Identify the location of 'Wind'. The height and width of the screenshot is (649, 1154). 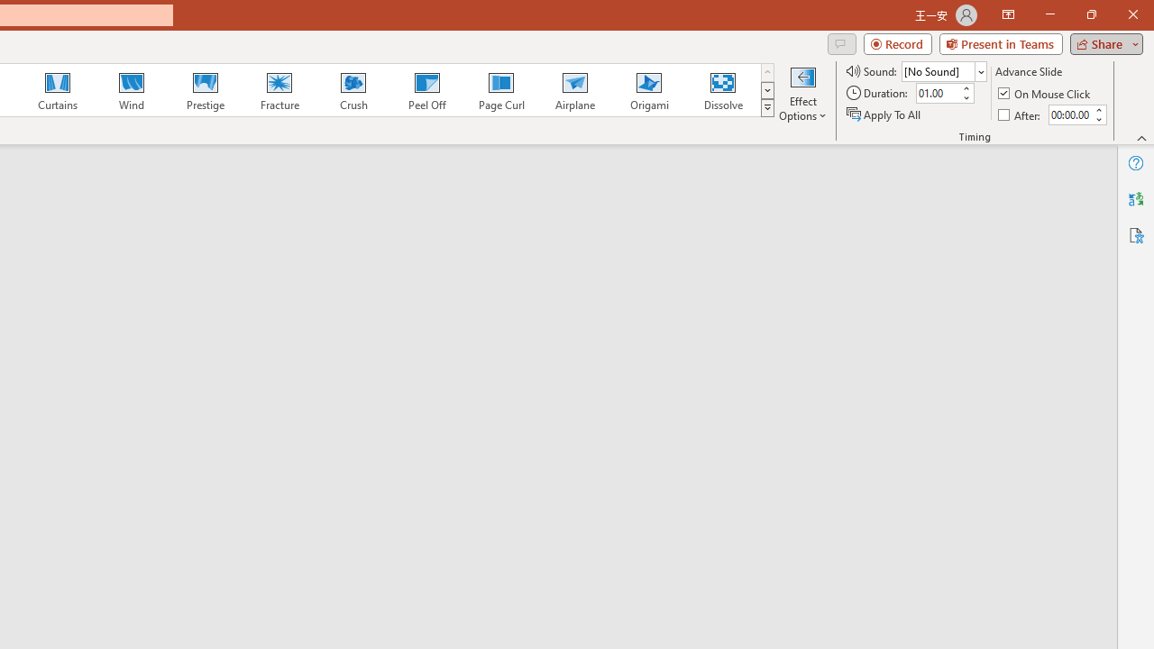
(130, 90).